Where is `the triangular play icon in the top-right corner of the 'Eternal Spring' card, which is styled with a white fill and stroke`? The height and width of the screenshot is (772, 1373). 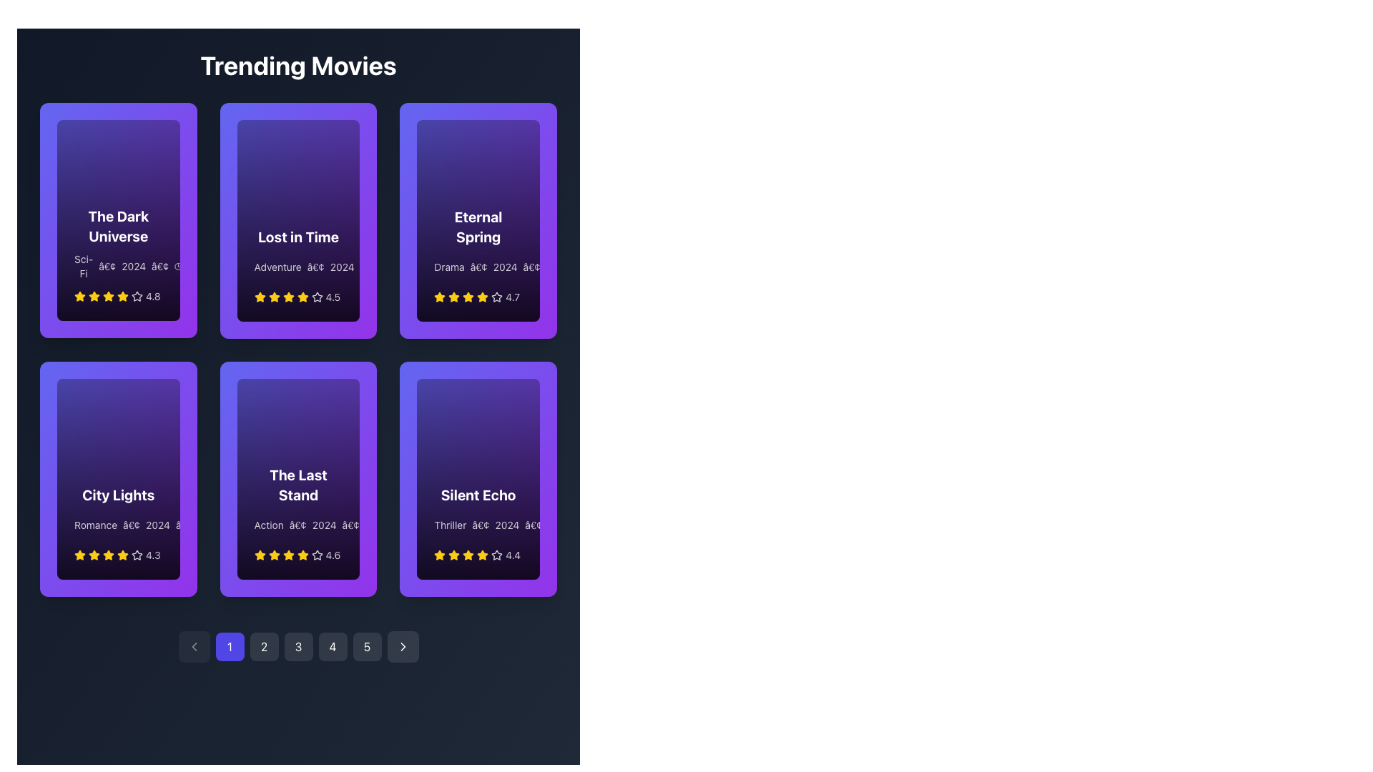
the triangular play icon in the top-right corner of the 'Eternal Spring' card, which is styled with a white fill and stroke is located at coordinates (532, 132).